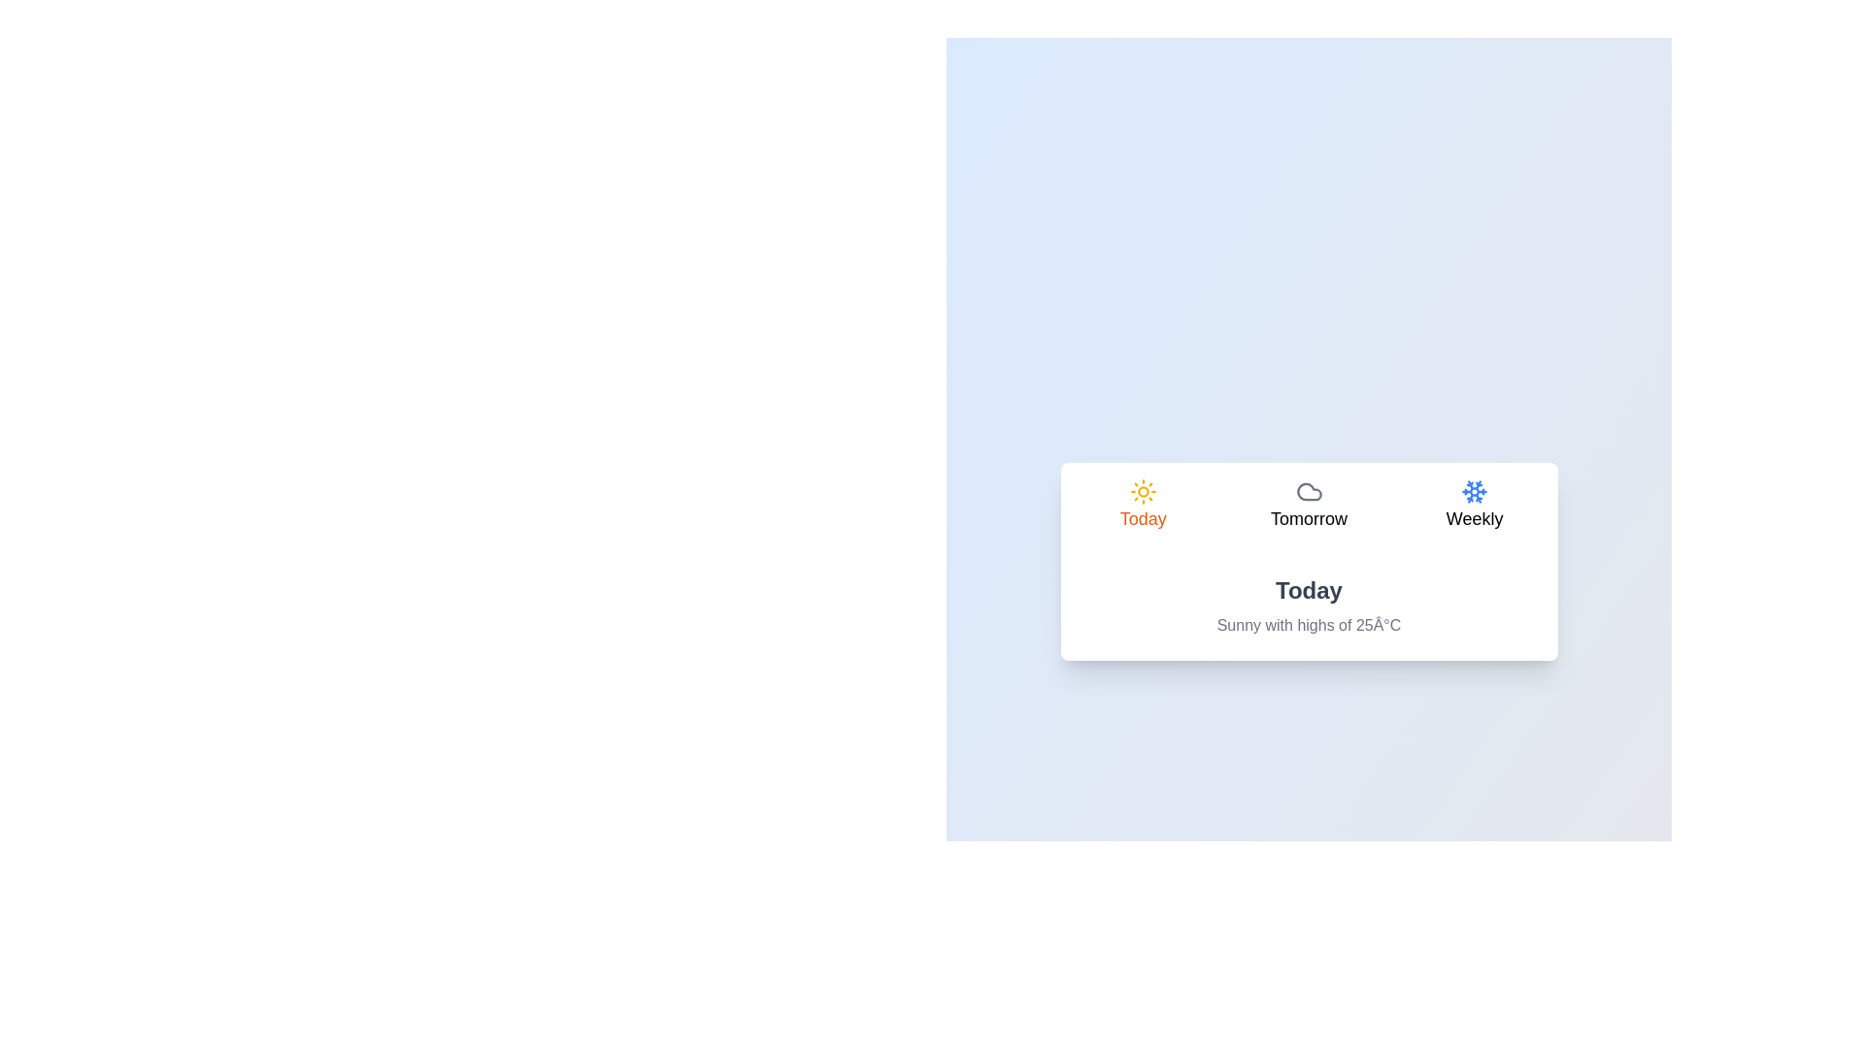 The image size is (1864, 1048). What do you see at coordinates (1309, 507) in the screenshot?
I see `the Tomorrow tab to view its weather forecast` at bounding box center [1309, 507].